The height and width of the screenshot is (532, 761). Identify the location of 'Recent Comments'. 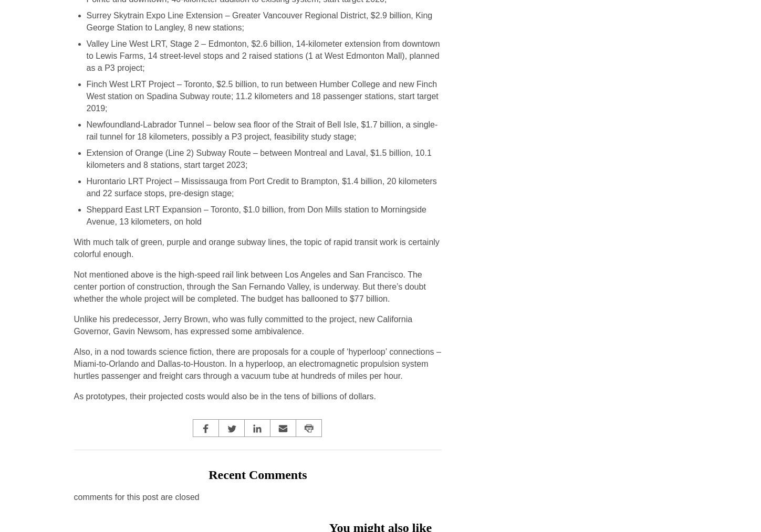
(257, 474).